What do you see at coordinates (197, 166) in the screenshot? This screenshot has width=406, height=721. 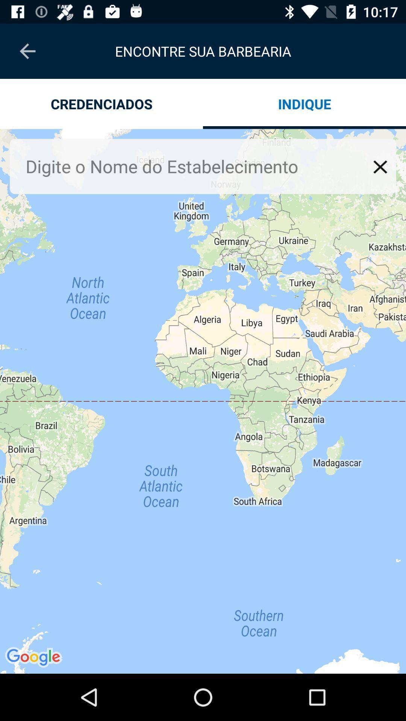 I see `search box` at bounding box center [197, 166].